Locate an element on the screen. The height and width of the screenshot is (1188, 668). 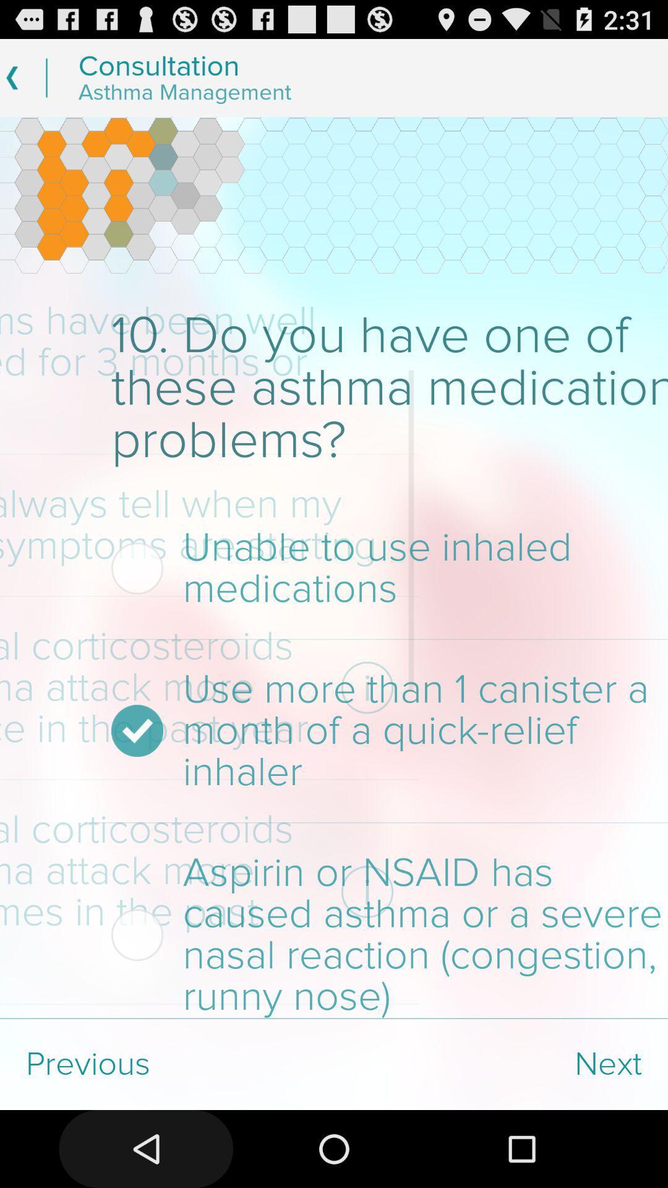
the next at the bottom right corner is located at coordinates (501, 1064).